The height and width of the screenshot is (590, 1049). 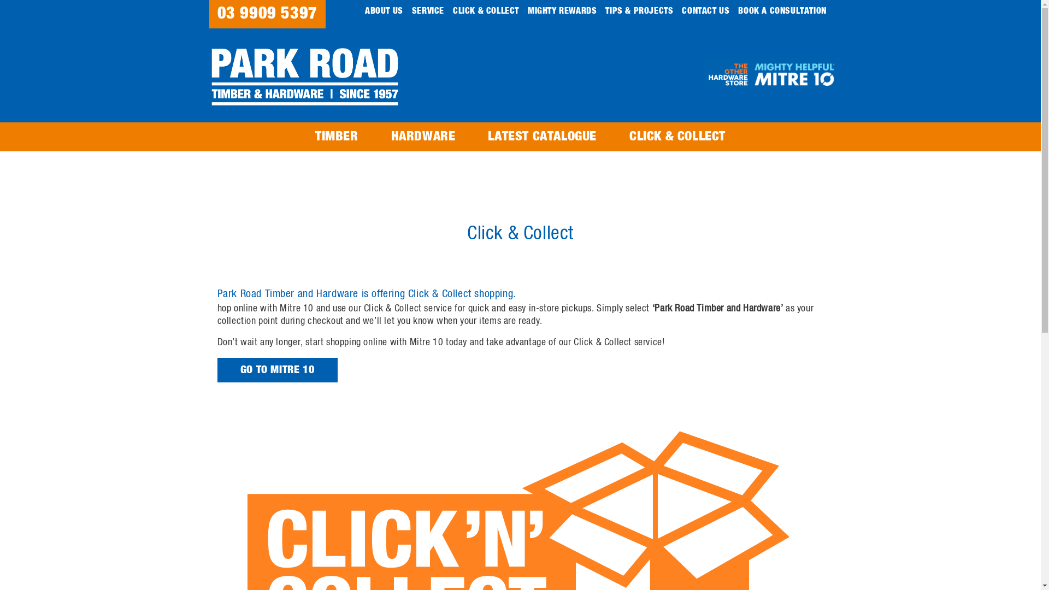 What do you see at coordinates (278, 369) in the screenshot?
I see `'GO TO MITRE 10'` at bounding box center [278, 369].